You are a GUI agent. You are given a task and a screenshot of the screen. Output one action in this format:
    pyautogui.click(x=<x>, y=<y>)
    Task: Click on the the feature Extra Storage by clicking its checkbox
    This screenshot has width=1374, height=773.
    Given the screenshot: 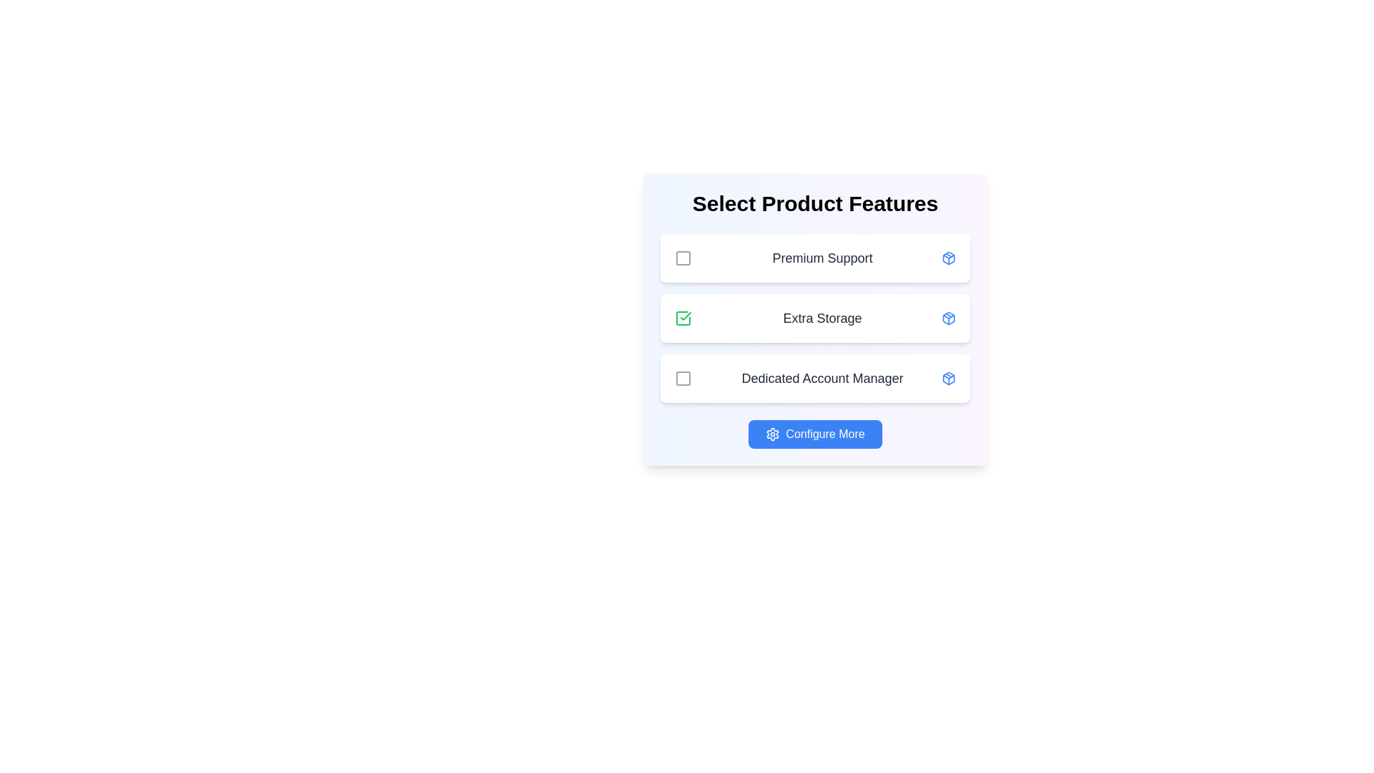 What is the action you would take?
    pyautogui.click(x=683, y=317)
    